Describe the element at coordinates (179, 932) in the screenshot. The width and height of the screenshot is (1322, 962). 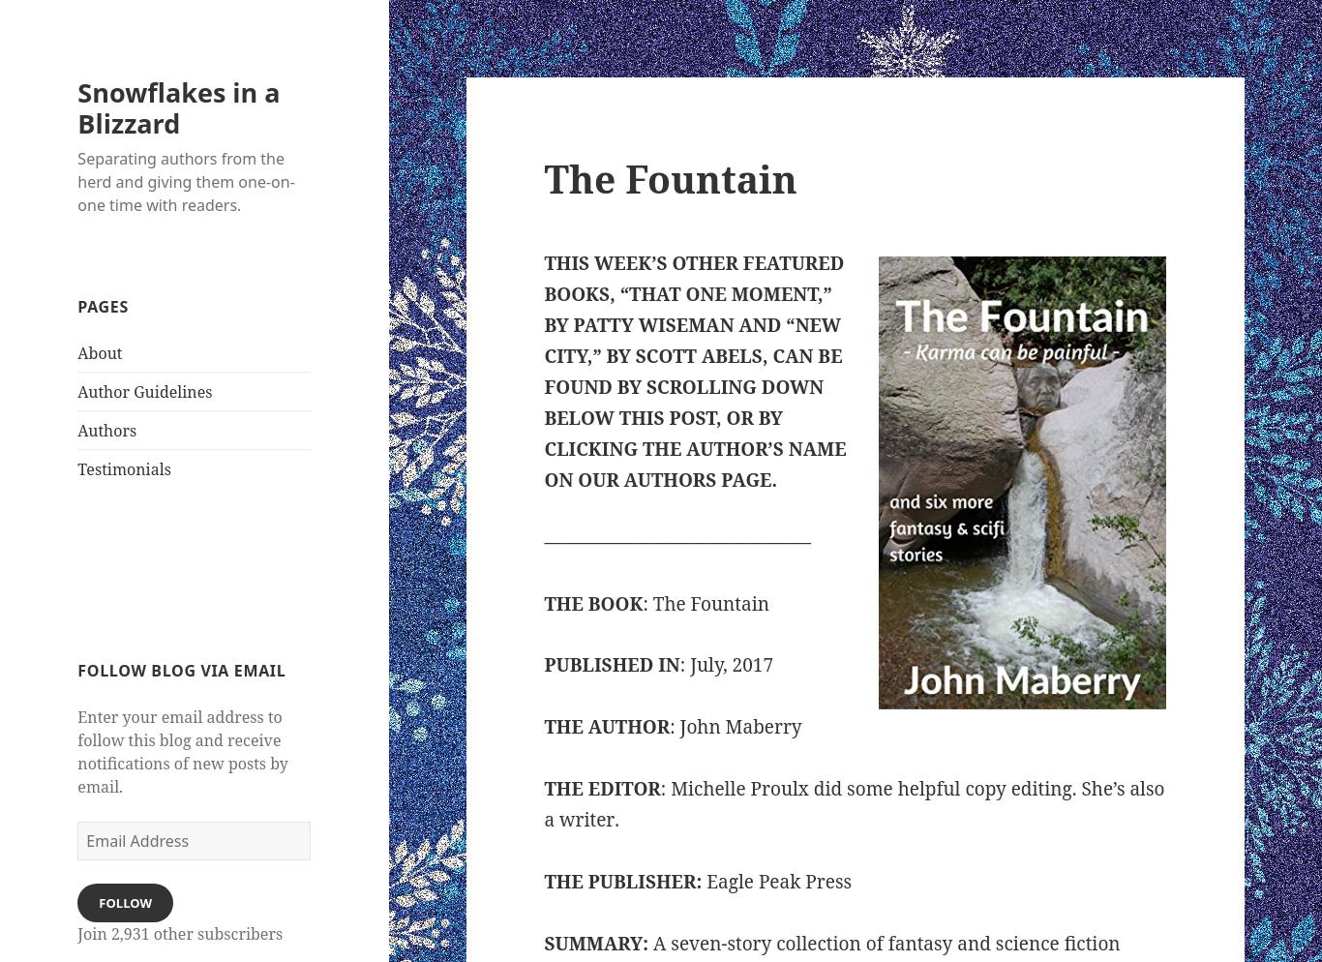
I see `'Join 2,931 other subscribers'` at that location.